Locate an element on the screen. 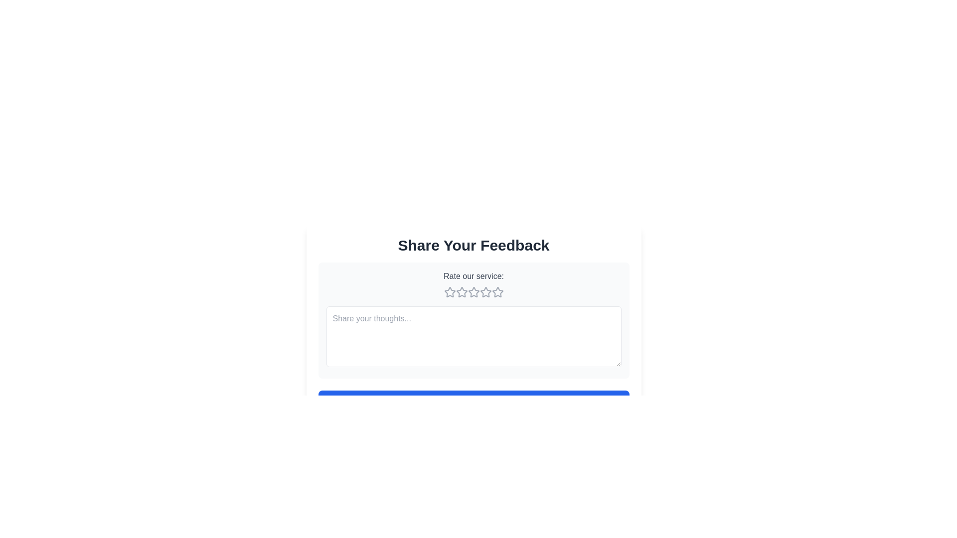  the first star-shaped rating icon with a gray outline is located at coordinates (449, 291).